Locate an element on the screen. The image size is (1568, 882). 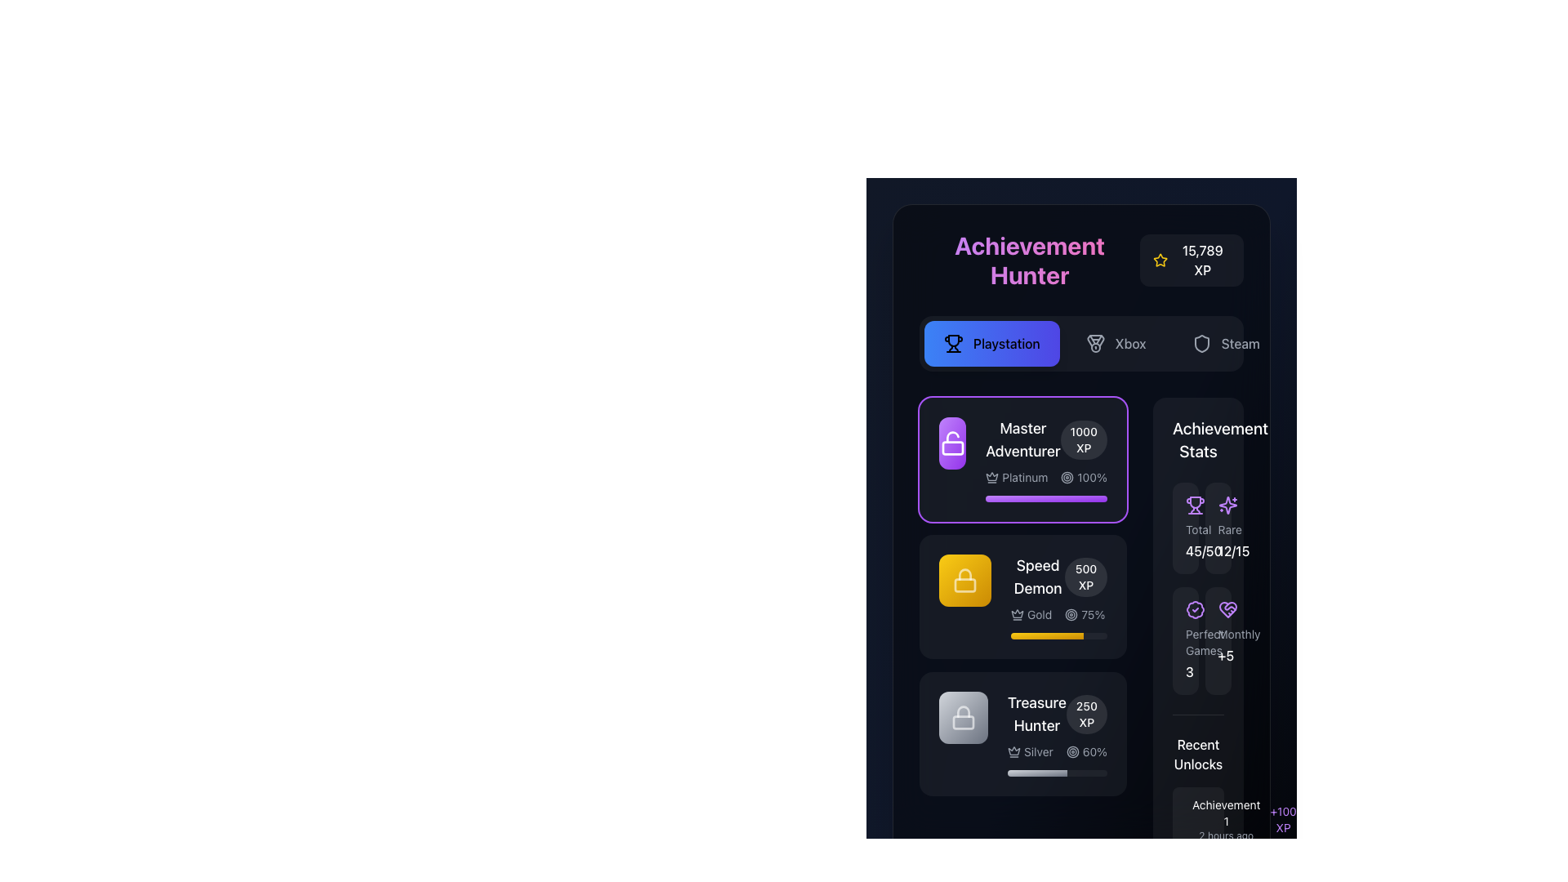
text from the heading element styled in pink that displays 'Achievement Hunter' and the dark box to the right showing '15,789 XP' with a yellow star icon, which summarizes the user's achievement is located at coordinates (1081, 260).